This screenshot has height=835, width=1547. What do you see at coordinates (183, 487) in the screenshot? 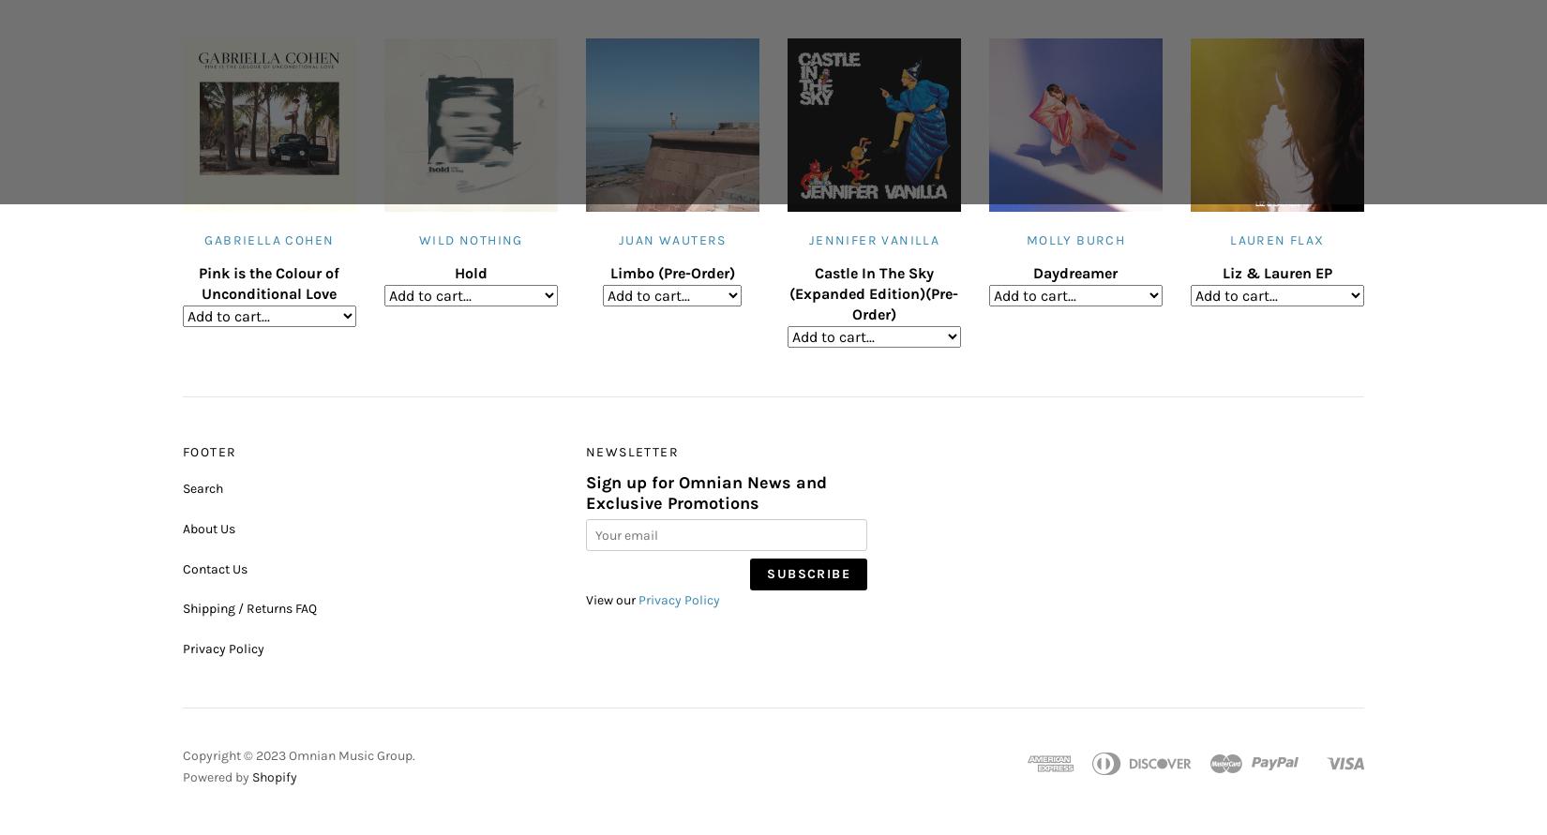
I see `'Search'` at bounding box center [183, 487].